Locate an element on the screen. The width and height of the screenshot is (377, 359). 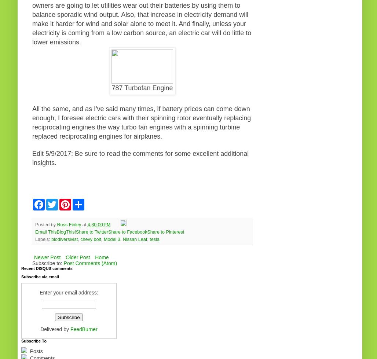
'Labels:' is located at coordinates (43, 239).